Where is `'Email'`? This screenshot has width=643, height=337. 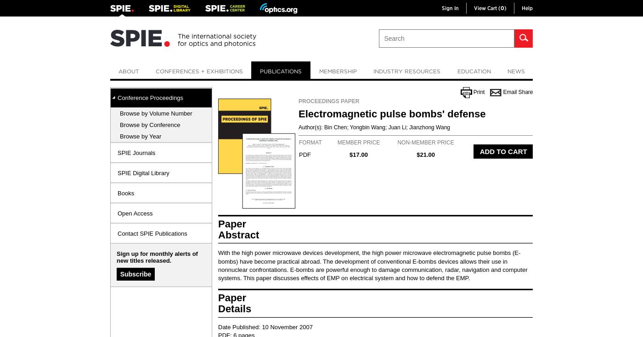 'Email' is located at coordinates (510, 92).